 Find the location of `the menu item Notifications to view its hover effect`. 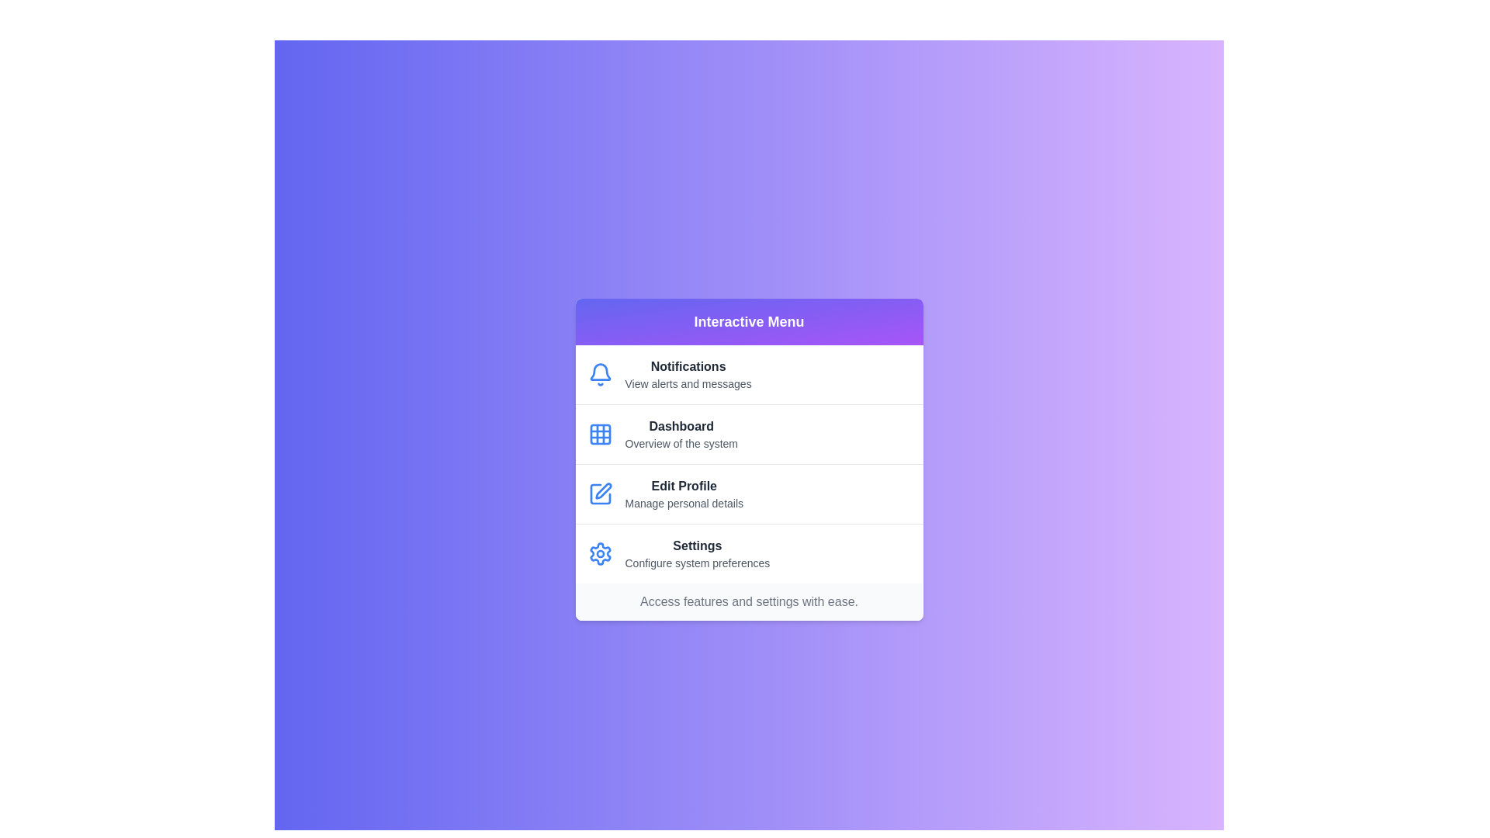

the menu item Notifications to view its hover effect is located at coordinates (749, 374).